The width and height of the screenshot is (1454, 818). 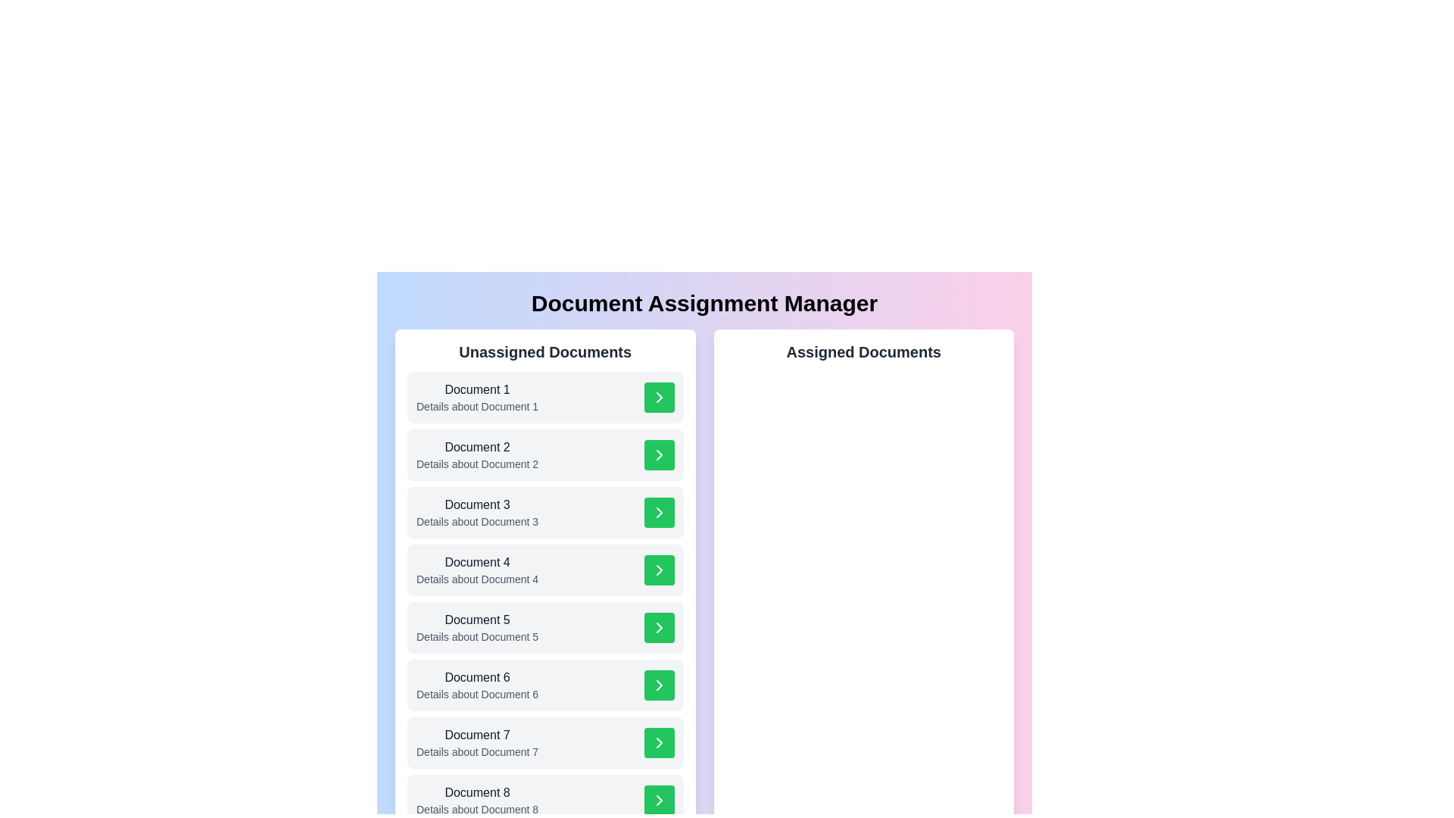 I want to click on header label displaying 'Unassigned Documents' to understand the section's purpose, so click(x=545, y=352).